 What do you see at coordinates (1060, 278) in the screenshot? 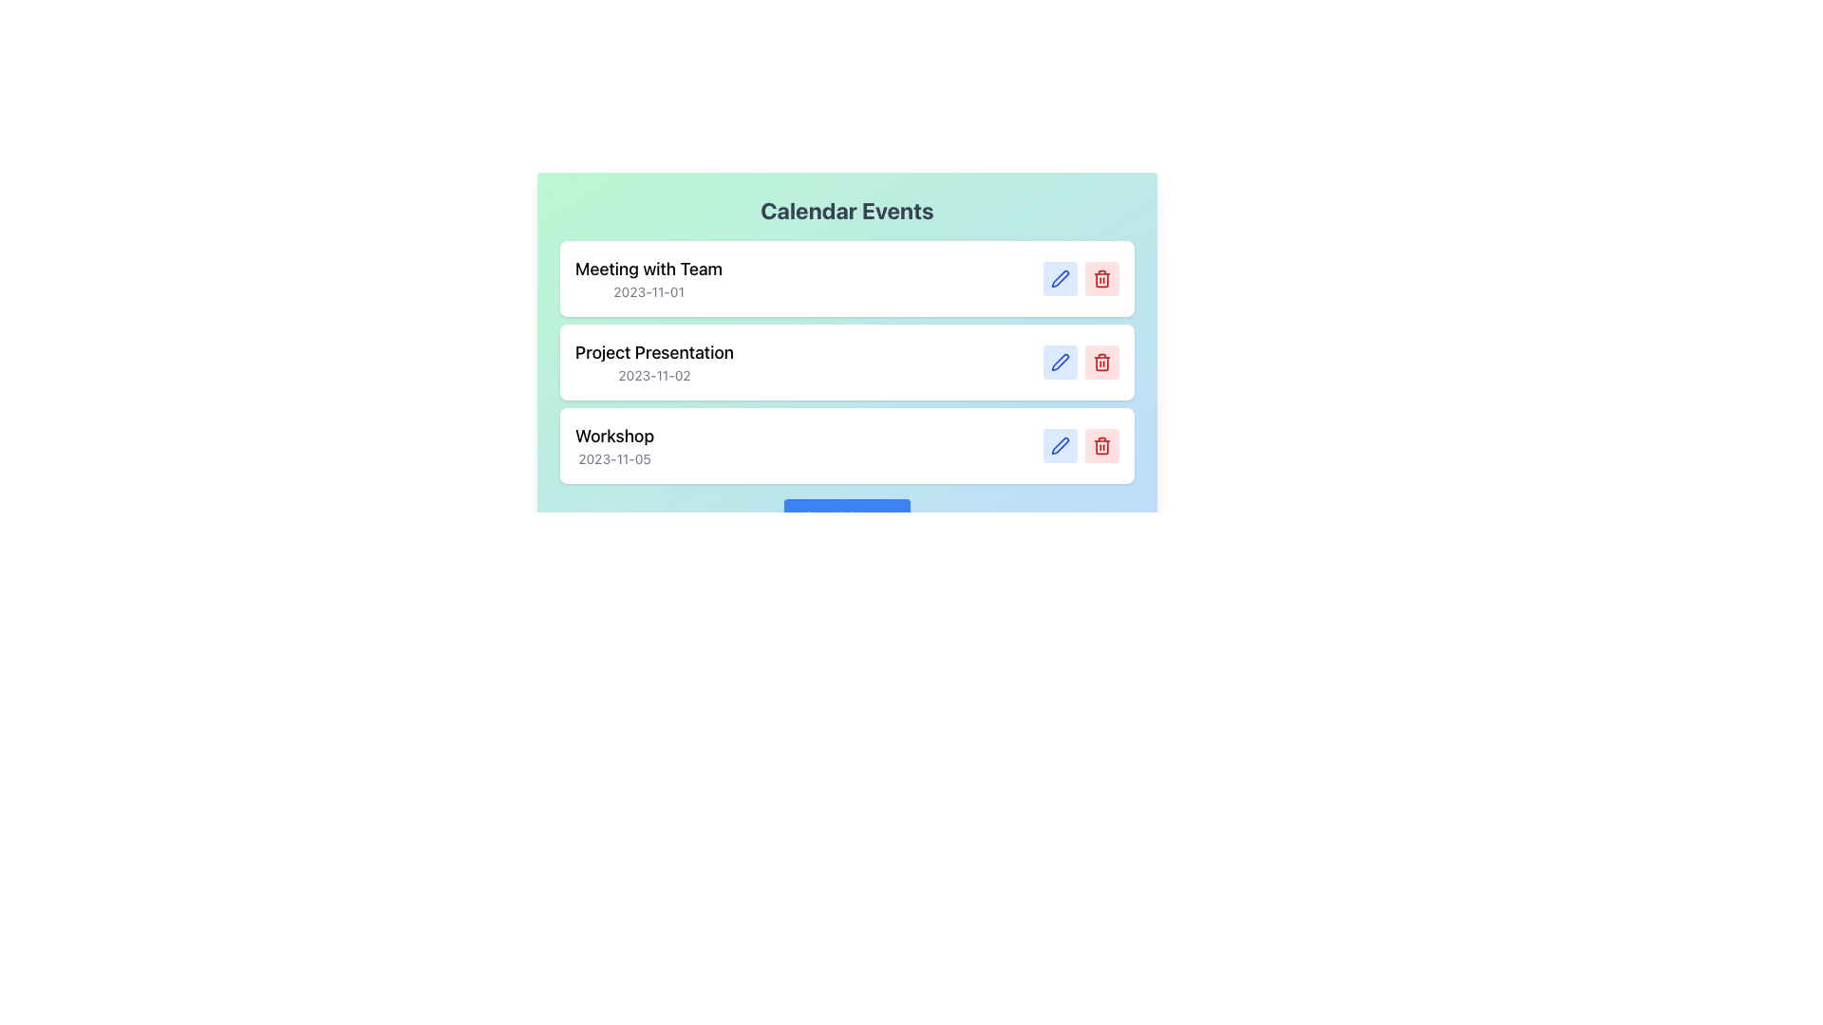
I see `the edit button with a light blue background and pen icon located in the upper right of the 'Meeting with Team' card` at bounding box center [1060, 278].